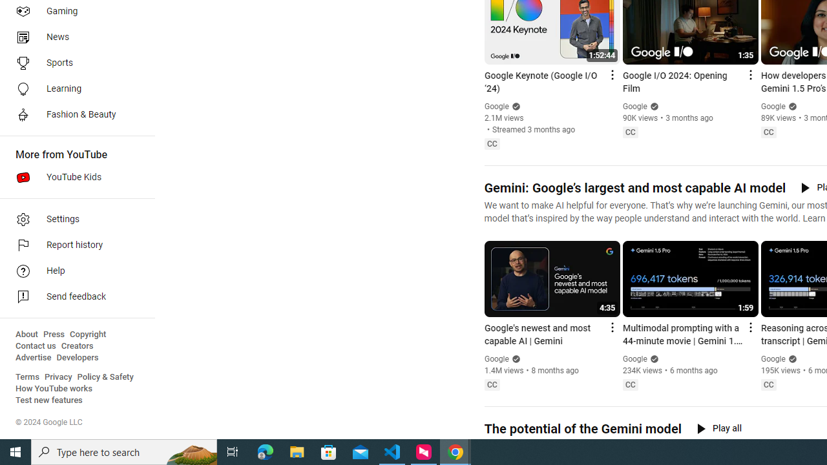  Describe the element at coordinates (36, 346) in the screenshot. I see `'Contact us'` at that location.